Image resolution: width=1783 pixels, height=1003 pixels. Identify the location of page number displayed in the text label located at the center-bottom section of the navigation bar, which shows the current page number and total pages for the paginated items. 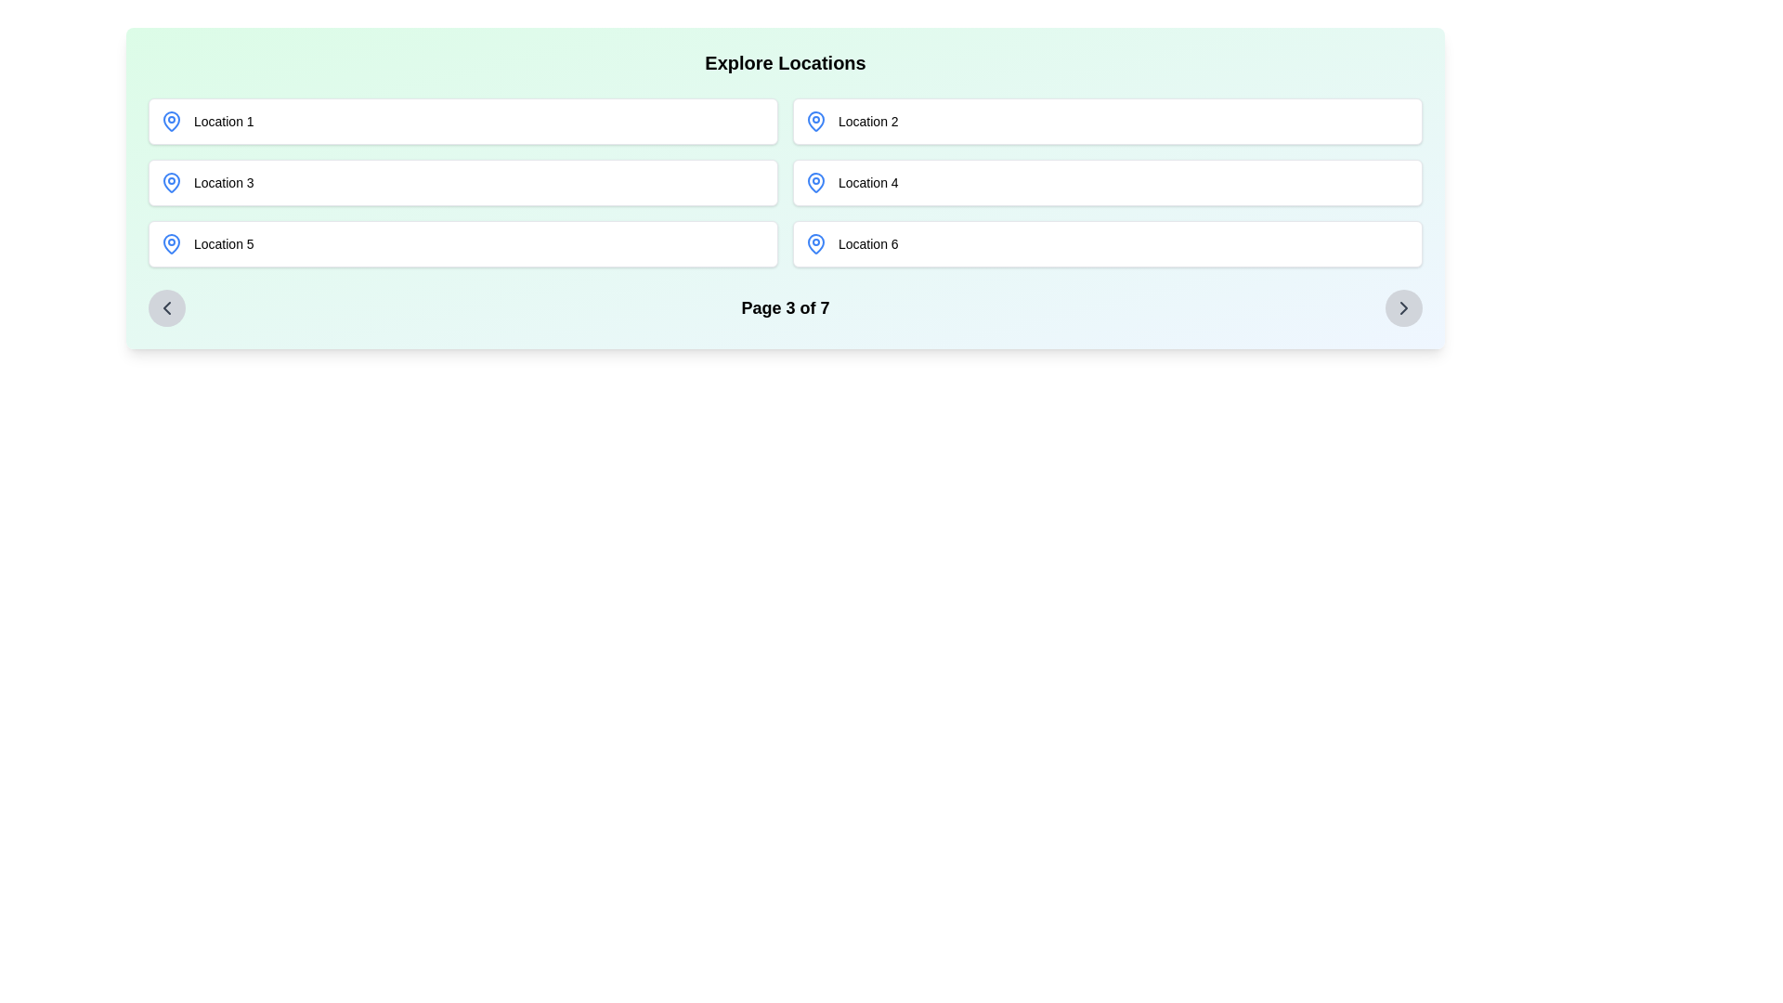
(785, 306).